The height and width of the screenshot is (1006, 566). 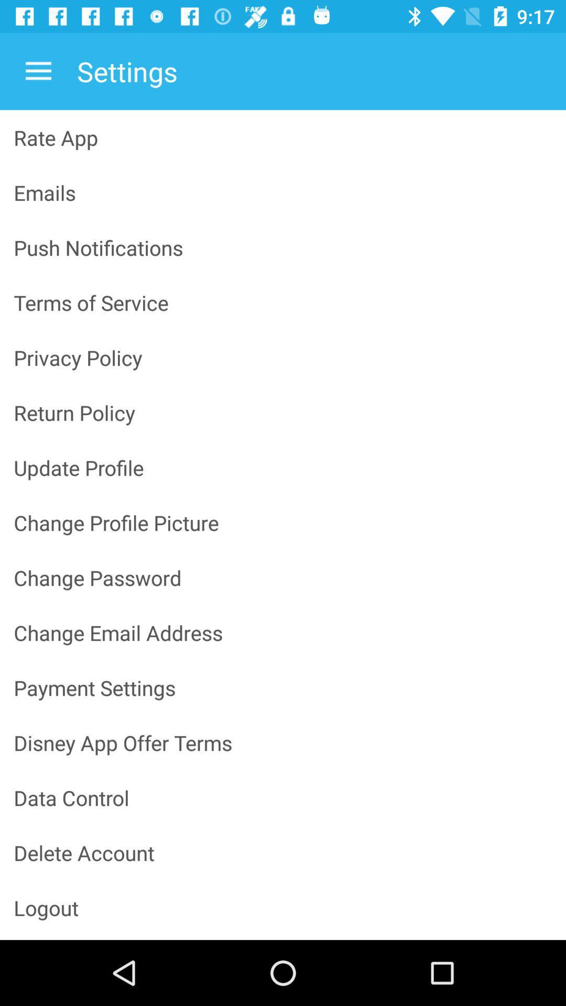 What do you see at coordinates (283, 687) in the screenshot?
I see `the payment settings icon` at bounding box center [283, 687].